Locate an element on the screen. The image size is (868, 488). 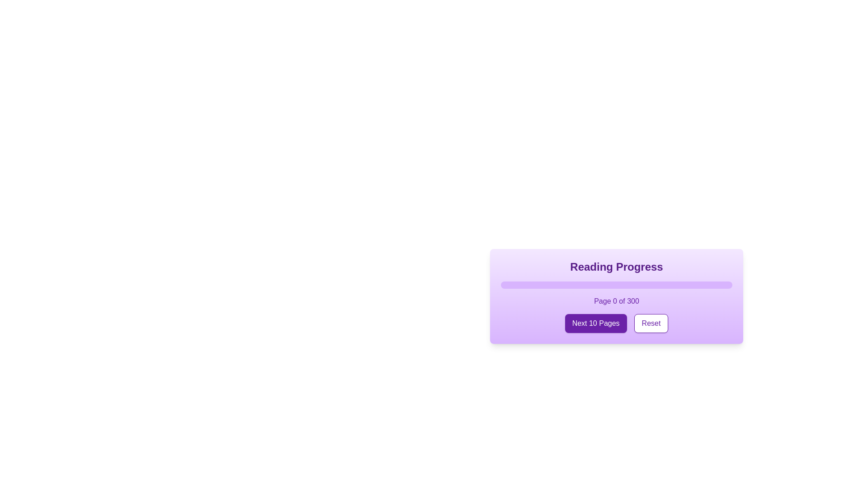
the 'Next 10 Pages' button, which is styled with a dark purple background and located within the 'Reading Progress' section is located at coordinates (616, 323).